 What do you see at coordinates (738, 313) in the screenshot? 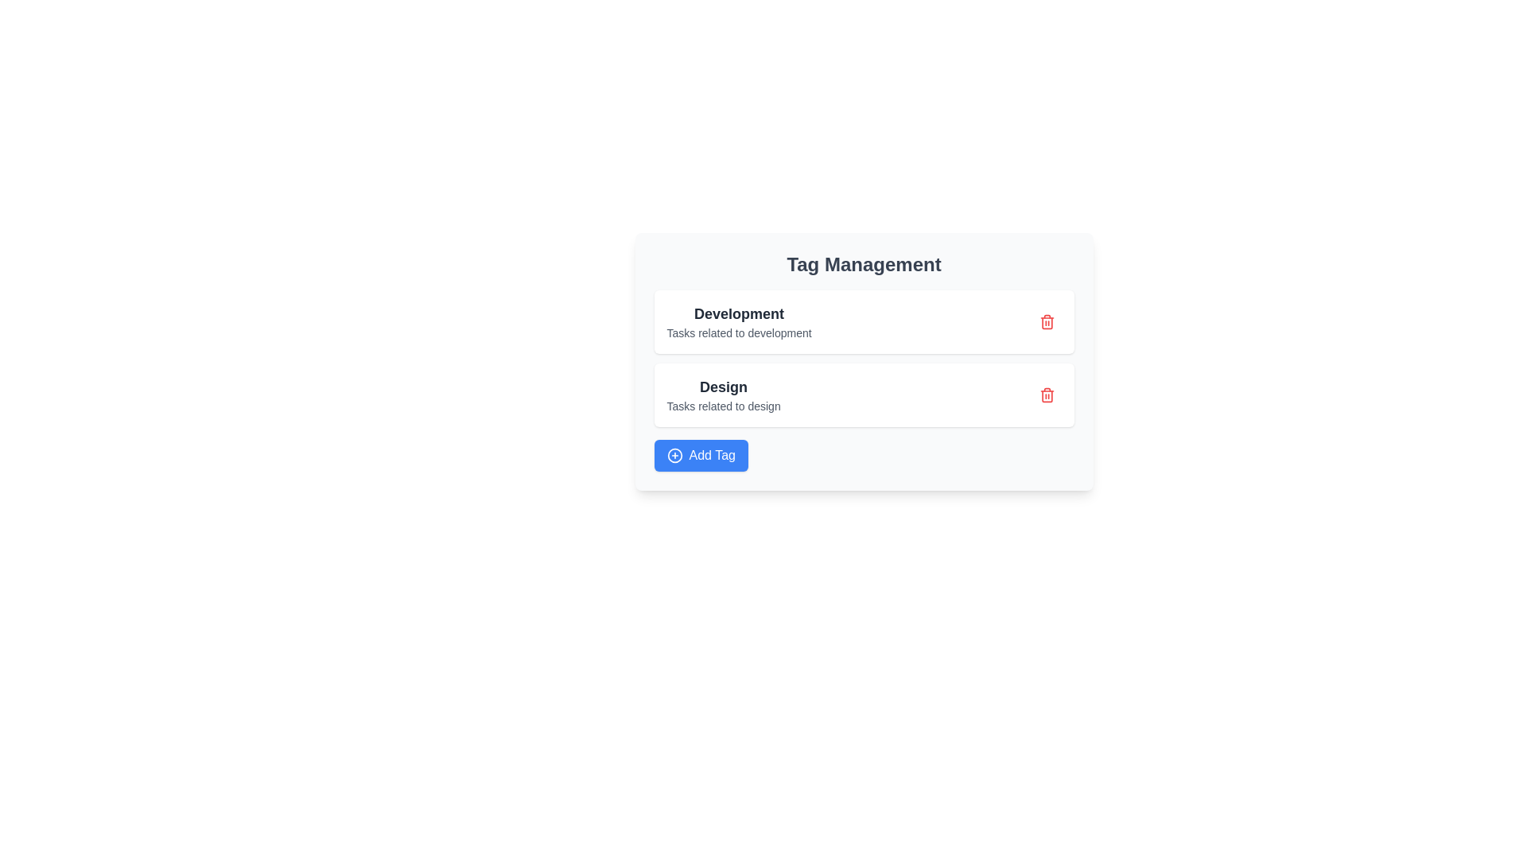
I see `the Text label element displaying the bold text 'Development' located in the top-right area of the interface` at bounding box center [738, 313].